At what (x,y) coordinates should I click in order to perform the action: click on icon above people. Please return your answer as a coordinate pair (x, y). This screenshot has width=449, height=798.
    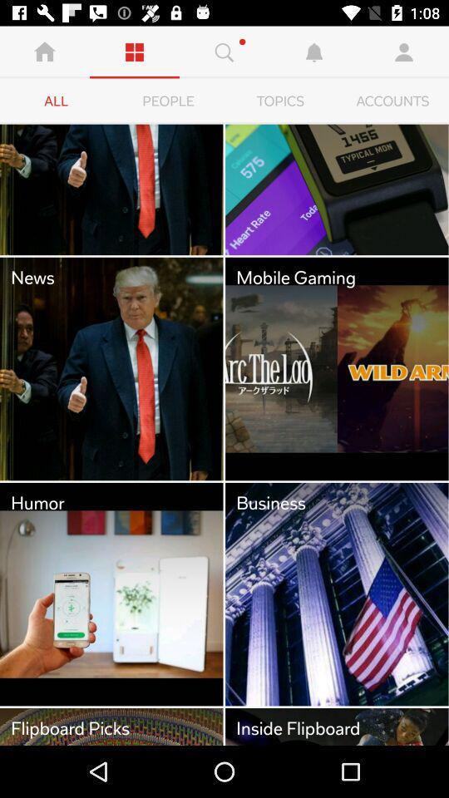
    Looking at the image, I should click on (224, 52).